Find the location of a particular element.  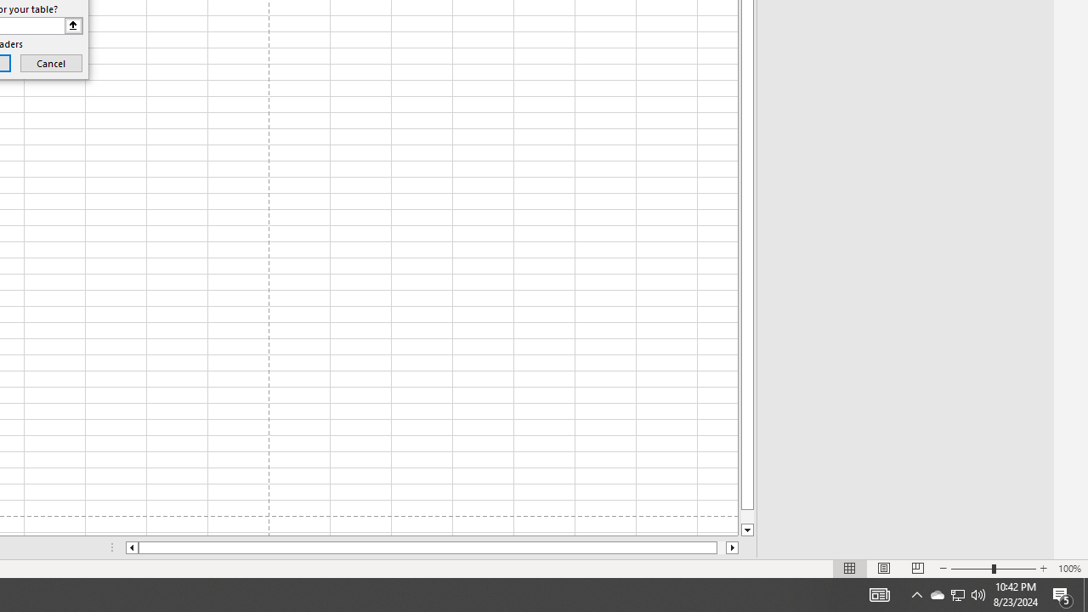

'Zoom' is located at coordinates (993, 569).